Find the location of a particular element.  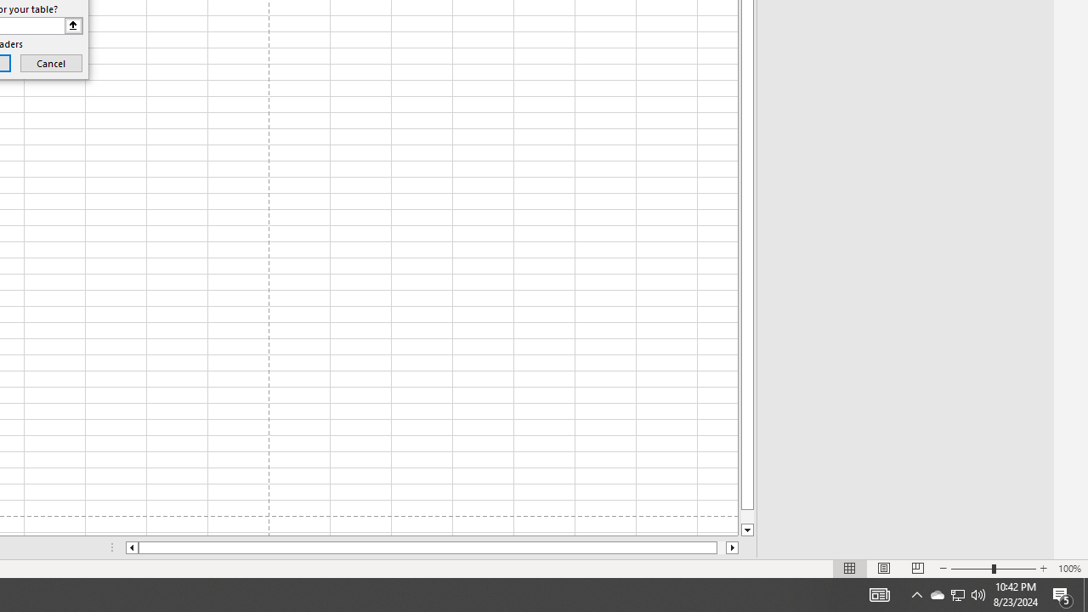

'Zoom' is located at coordinates (993, 569).